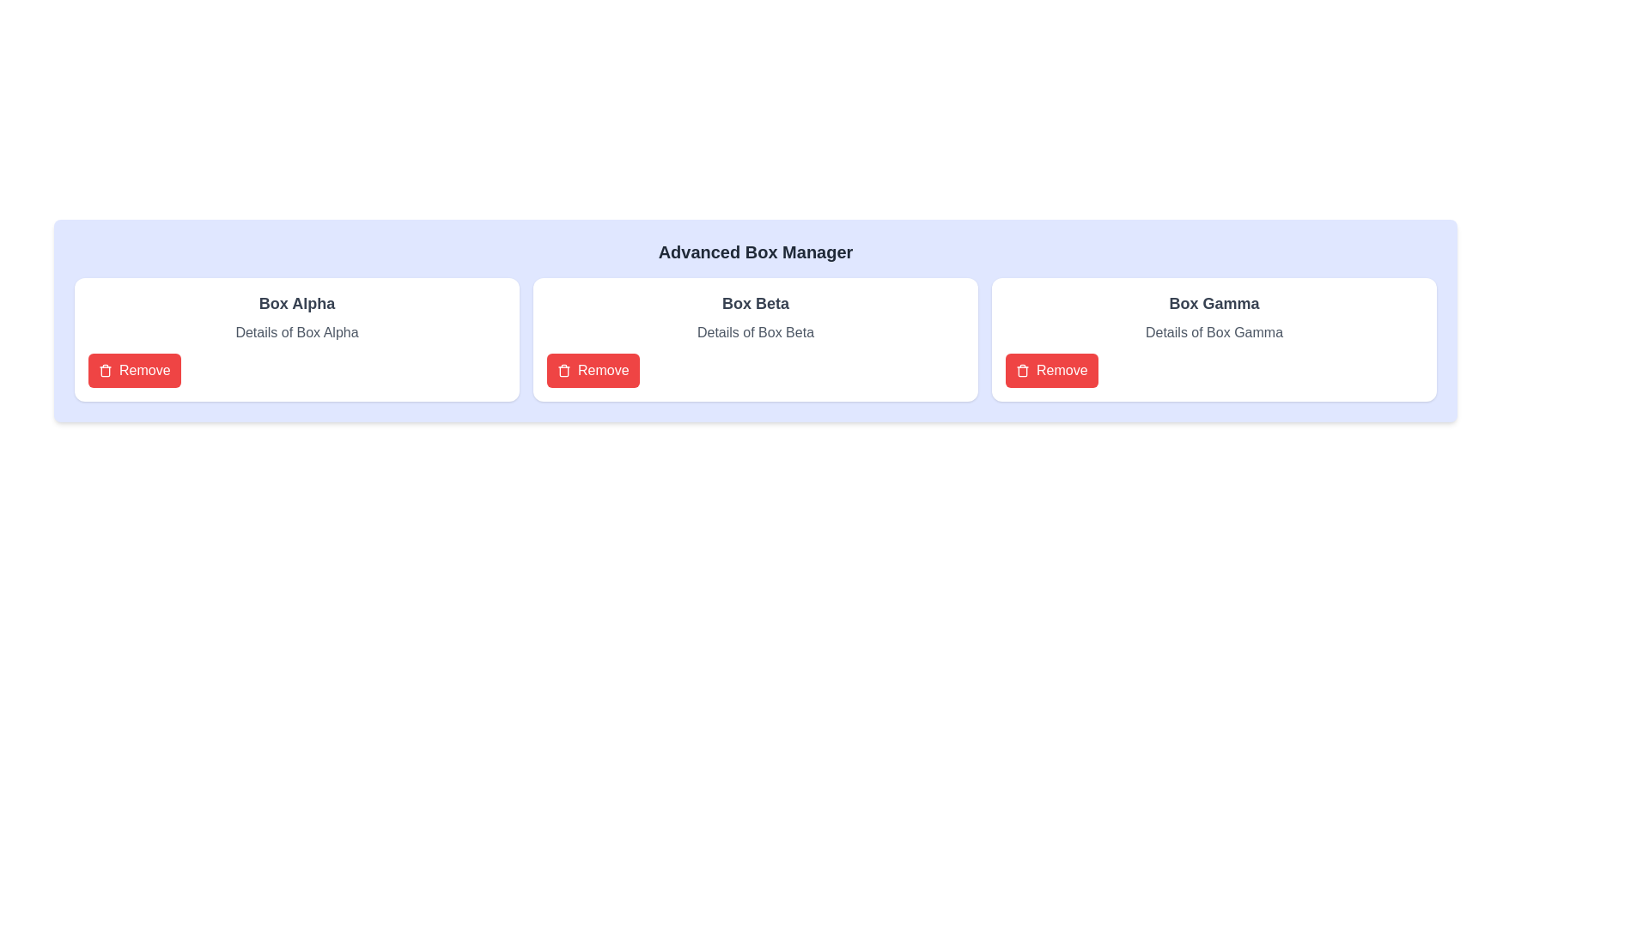 The height and width of the screenshot is (927, 1649). Describe the element at coordinates (755, 251) in the screenshot. I see `the bold heading text 'Advanced Box Manager' located at the top of a card with a light indigo background` at that location.